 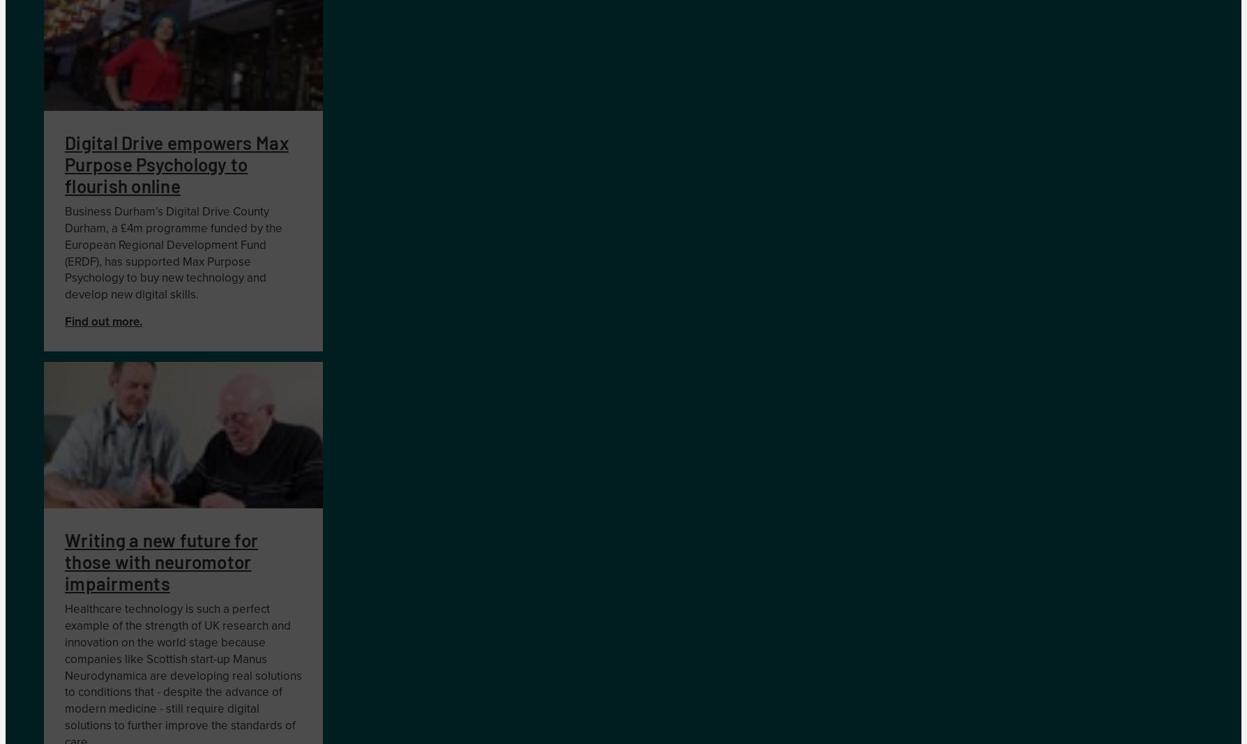 What do you see at coordinates (176, 163) in the screenshot?
I see `'Digital Drive empowers Max Purpose Psychology to flourish online'` at bounding box center [176, 163].